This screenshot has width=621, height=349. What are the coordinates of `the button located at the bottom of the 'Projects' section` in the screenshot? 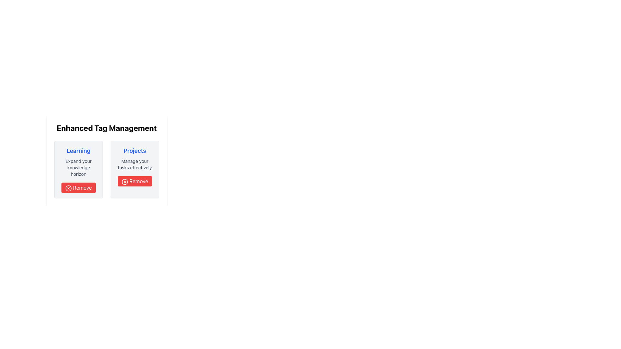 It's located at (135, 181).